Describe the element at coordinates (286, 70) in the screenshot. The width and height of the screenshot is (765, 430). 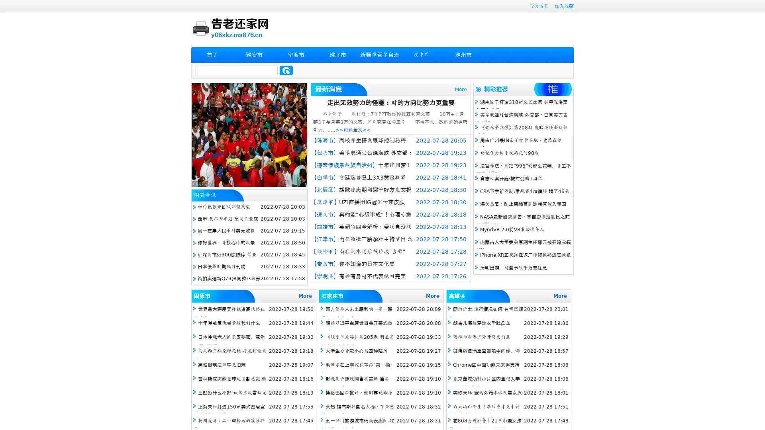
I see `Search` at that location.